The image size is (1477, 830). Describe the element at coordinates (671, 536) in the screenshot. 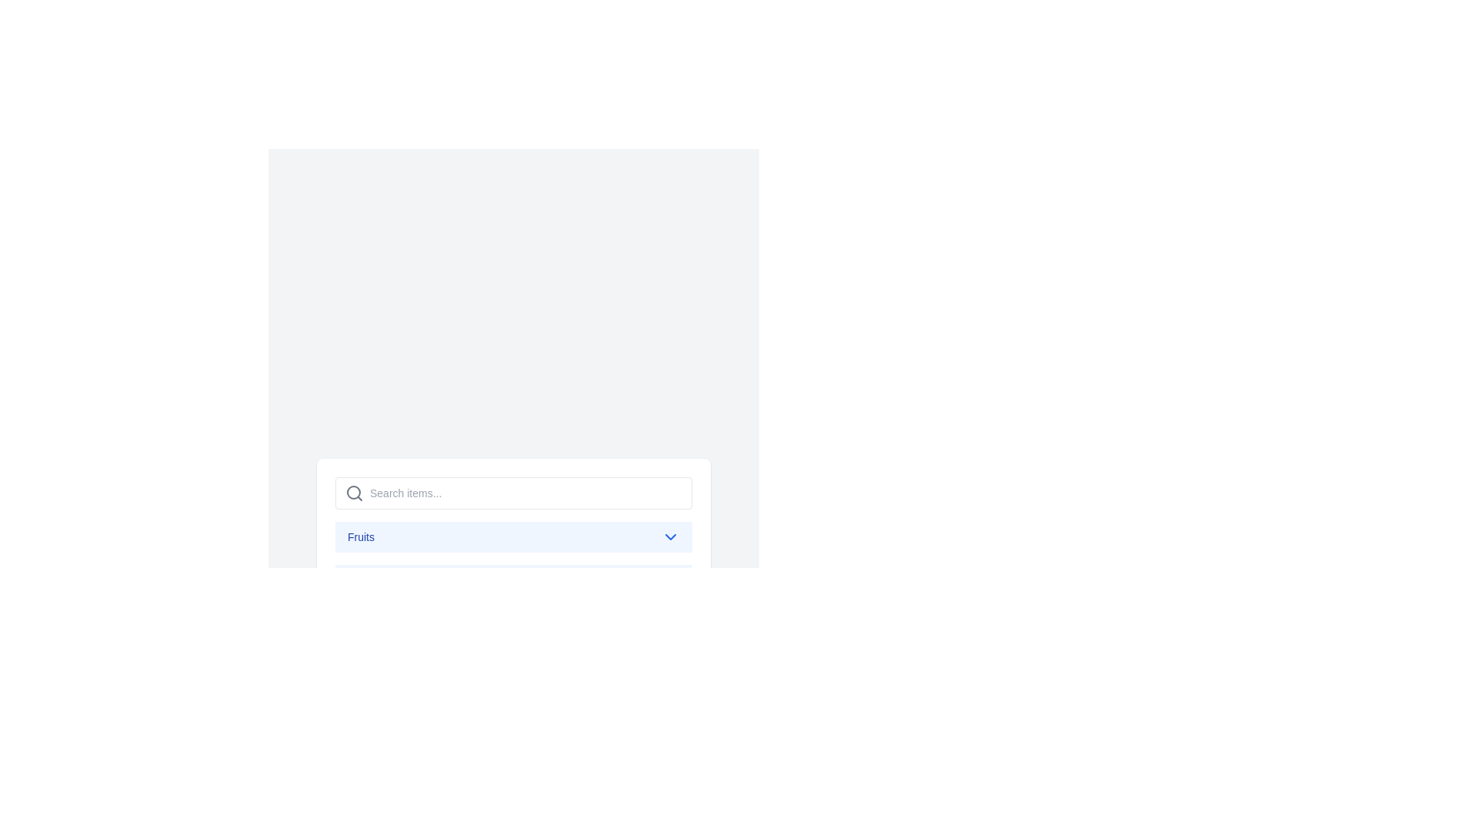

I see `the dropdown indicator icon located at the far right of the blue bar labeled 'Fruits'` at that location.